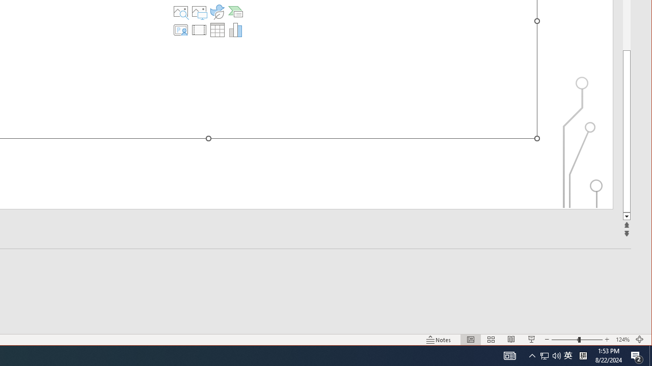 This screenshot has height=366, width=652. What do you see at coordinates (181, 29) in the screenshot?
I see `'Insert Cameo'` at bounding box center [181, 29].